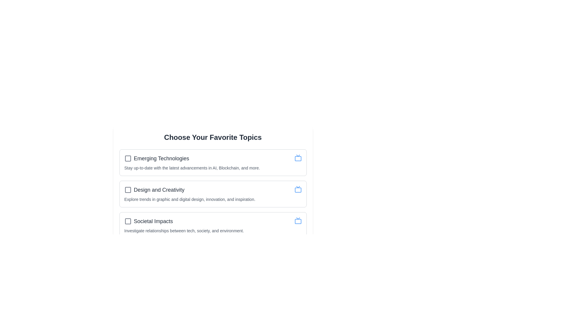  What do you see at coordinates (153, 221) in the screenshot?
I see `the text label that describes a topic within the third item of the 'Choose Your Favorite Topics' list, located immediately after the adjacent checkbox icon` at bounding box center [153, 221].